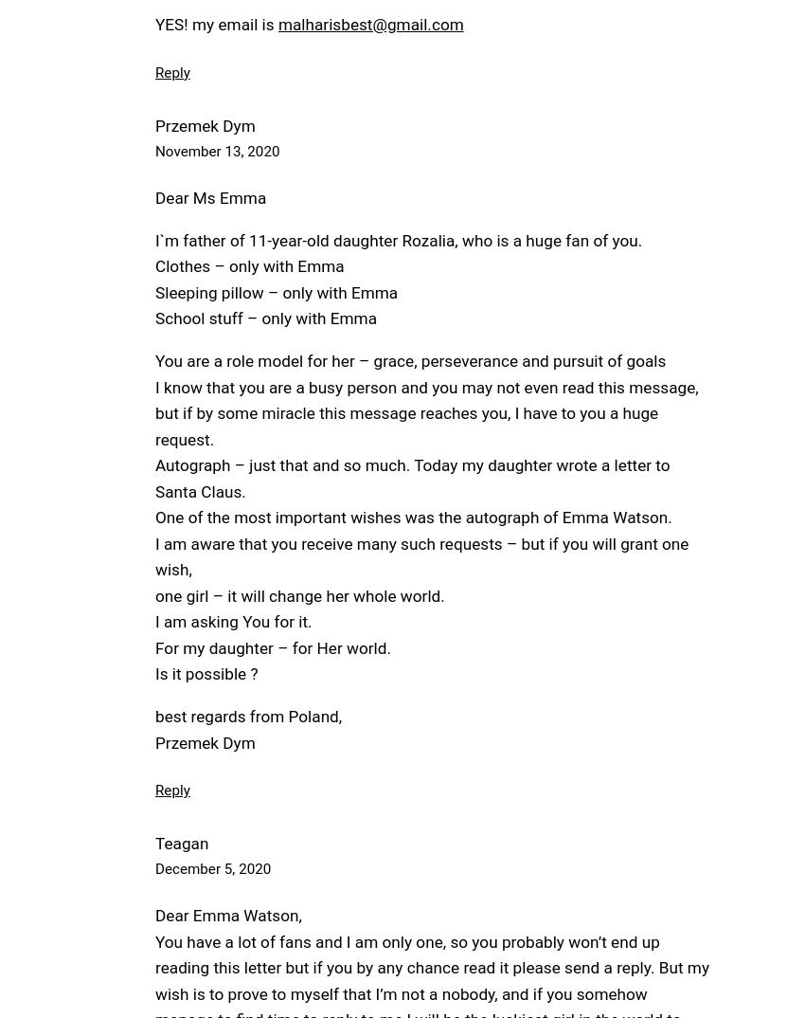 The width and height of the screenshot is (805, 1018). What do you see at coordinates (265, 317) in the screenshot?
I see `'School stuff – only with Emma'` at bounding box center [265, 317].